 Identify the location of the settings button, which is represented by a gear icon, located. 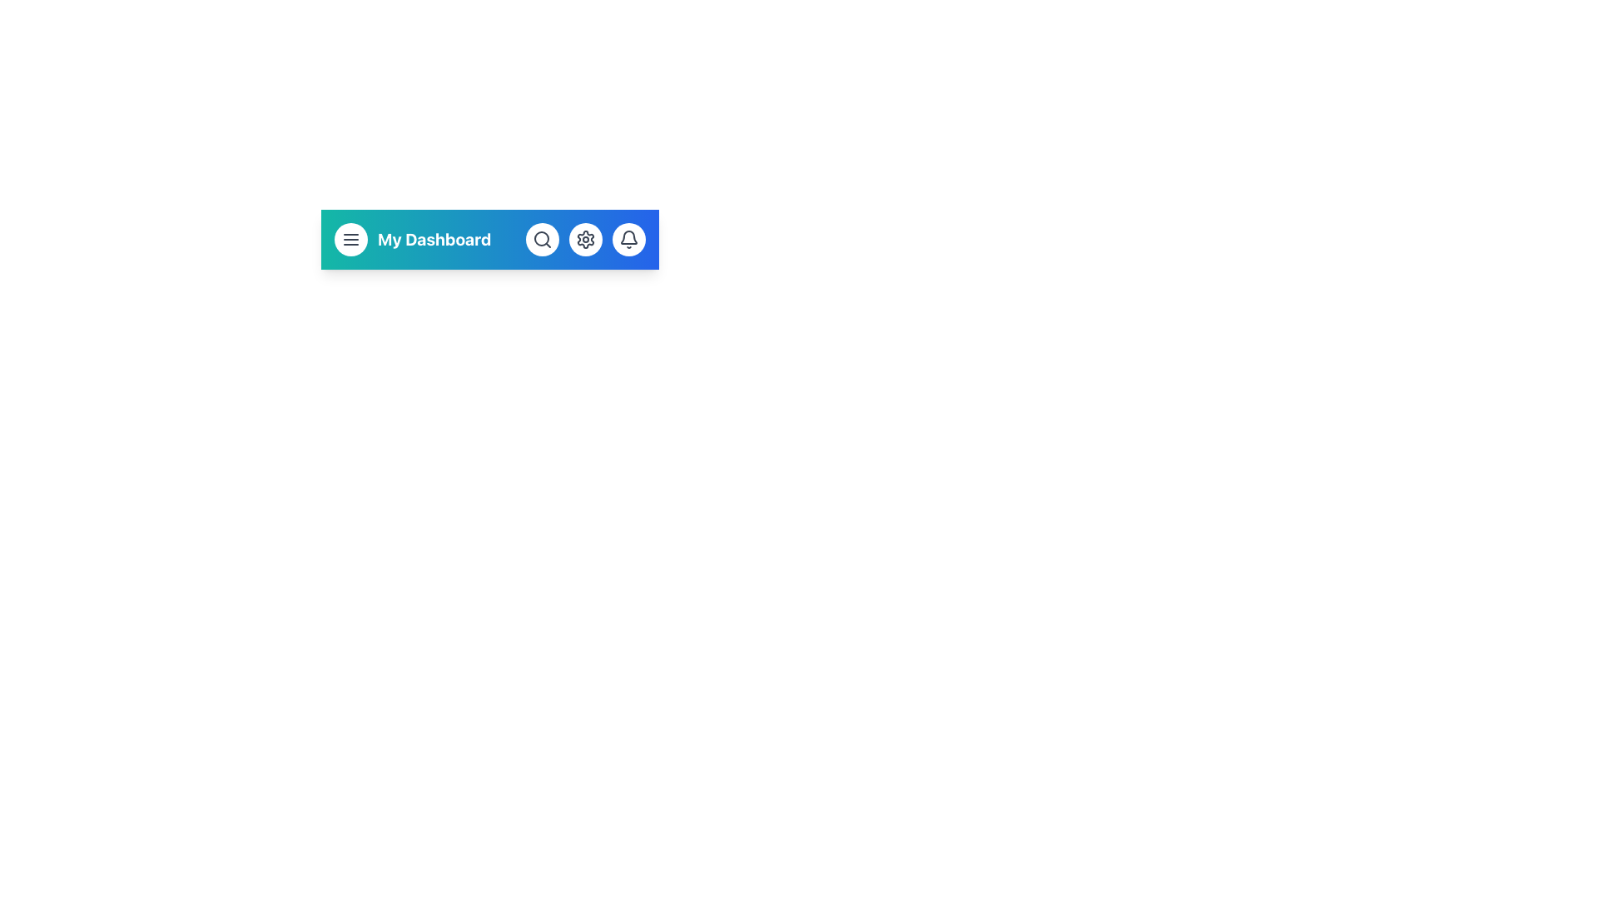
(586, 240).